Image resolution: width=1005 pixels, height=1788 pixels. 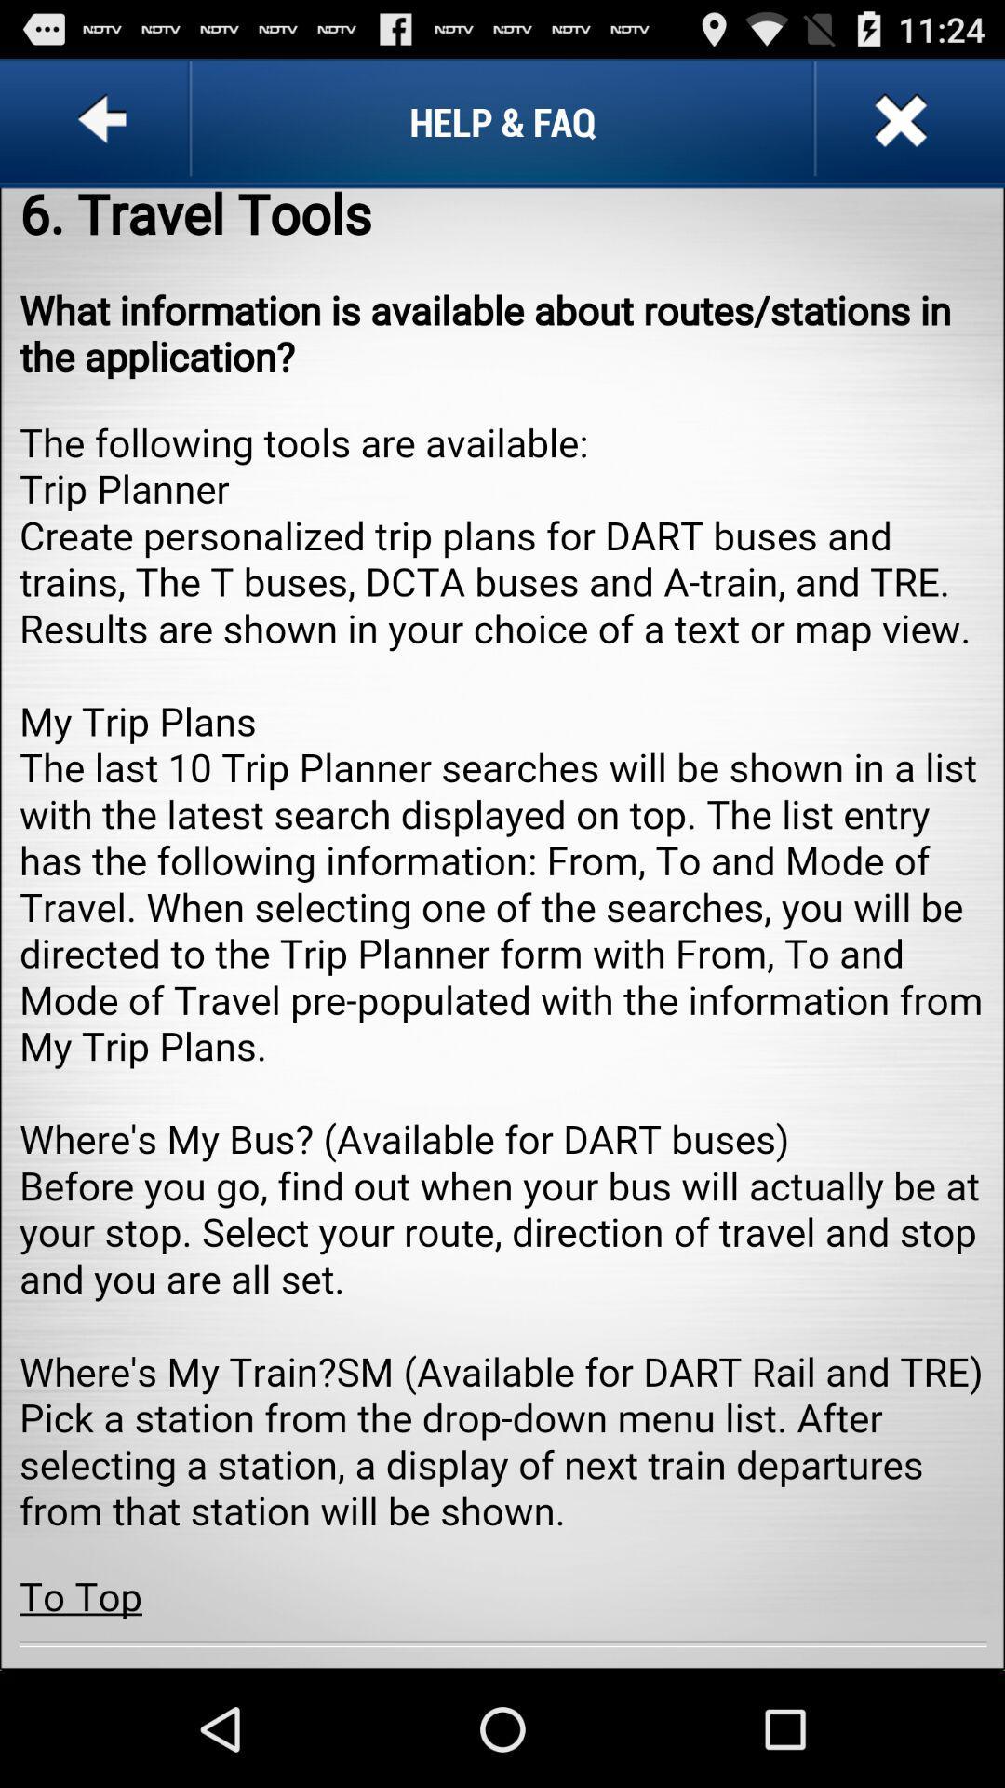 What do you see at coordinates (897, 120) in the screenshot?
I see `window` at bounding box center [897, 120].